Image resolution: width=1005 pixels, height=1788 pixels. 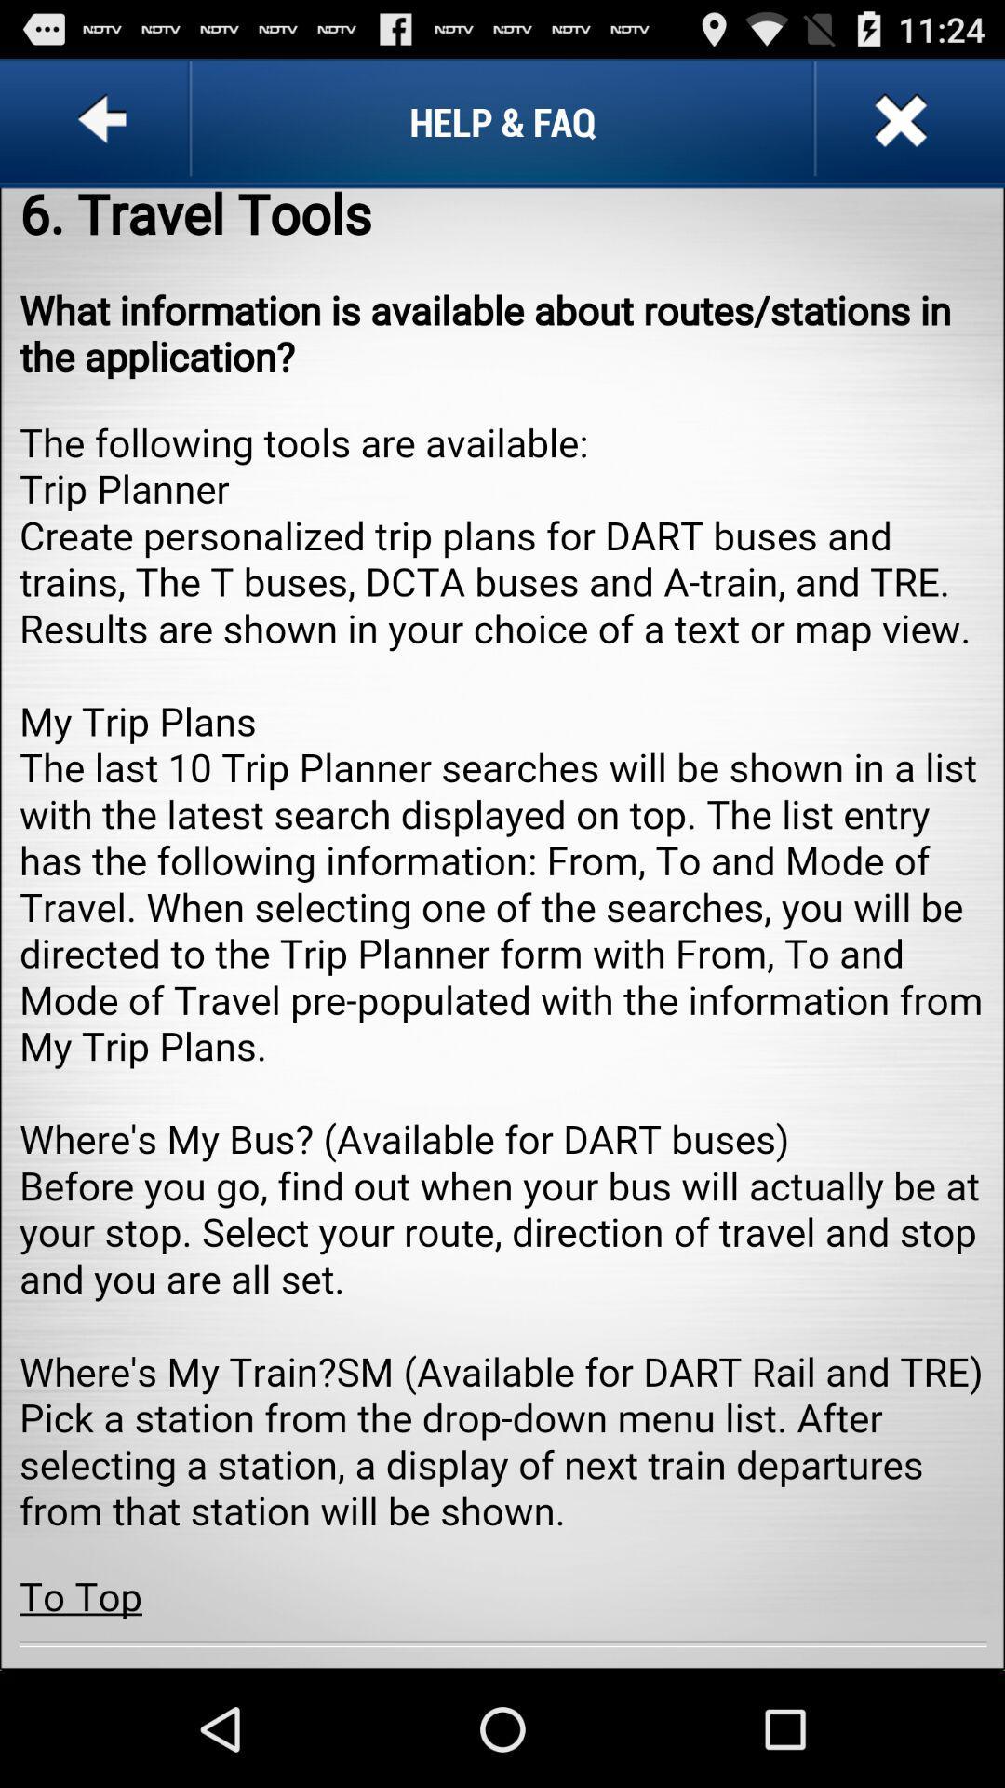 What do you see at coordinates (897, 120) in the screenshot?
I see `window` at bounding box center [897, 120].